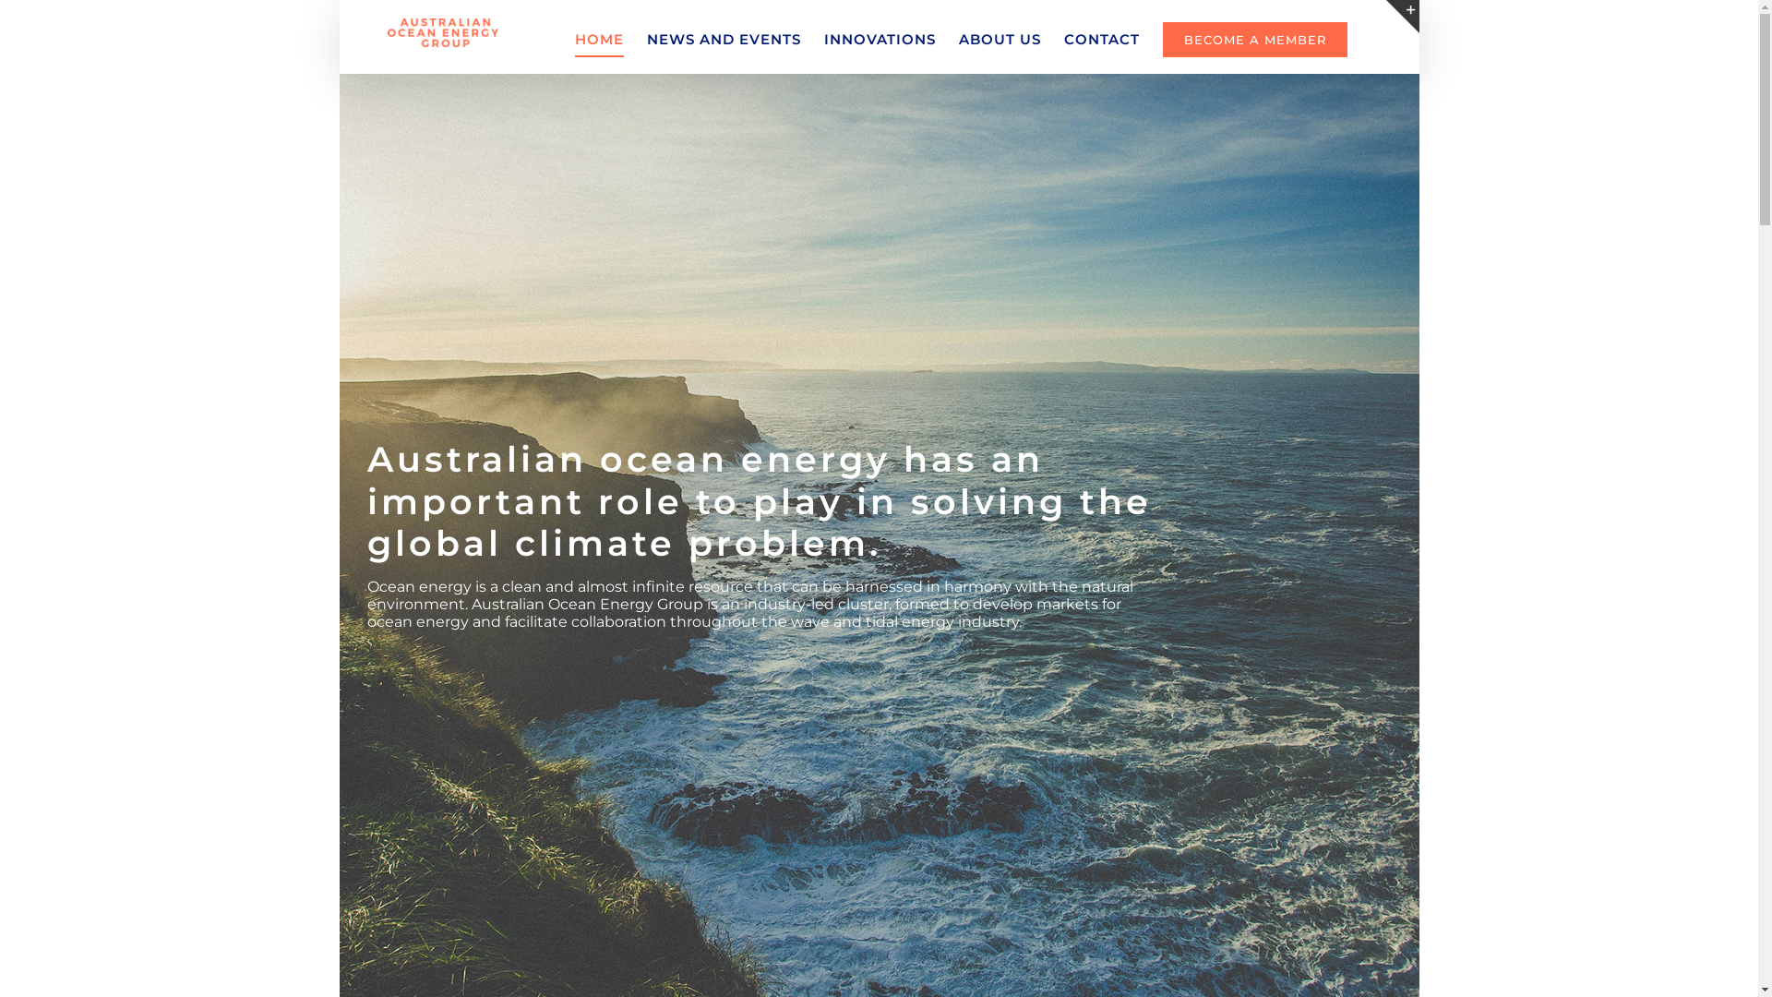 This screenshot has height=997, width=1772. Describe the element at coordinates (879, 39) in the screenshot. I see `'INNOVATIONS'` at that location.